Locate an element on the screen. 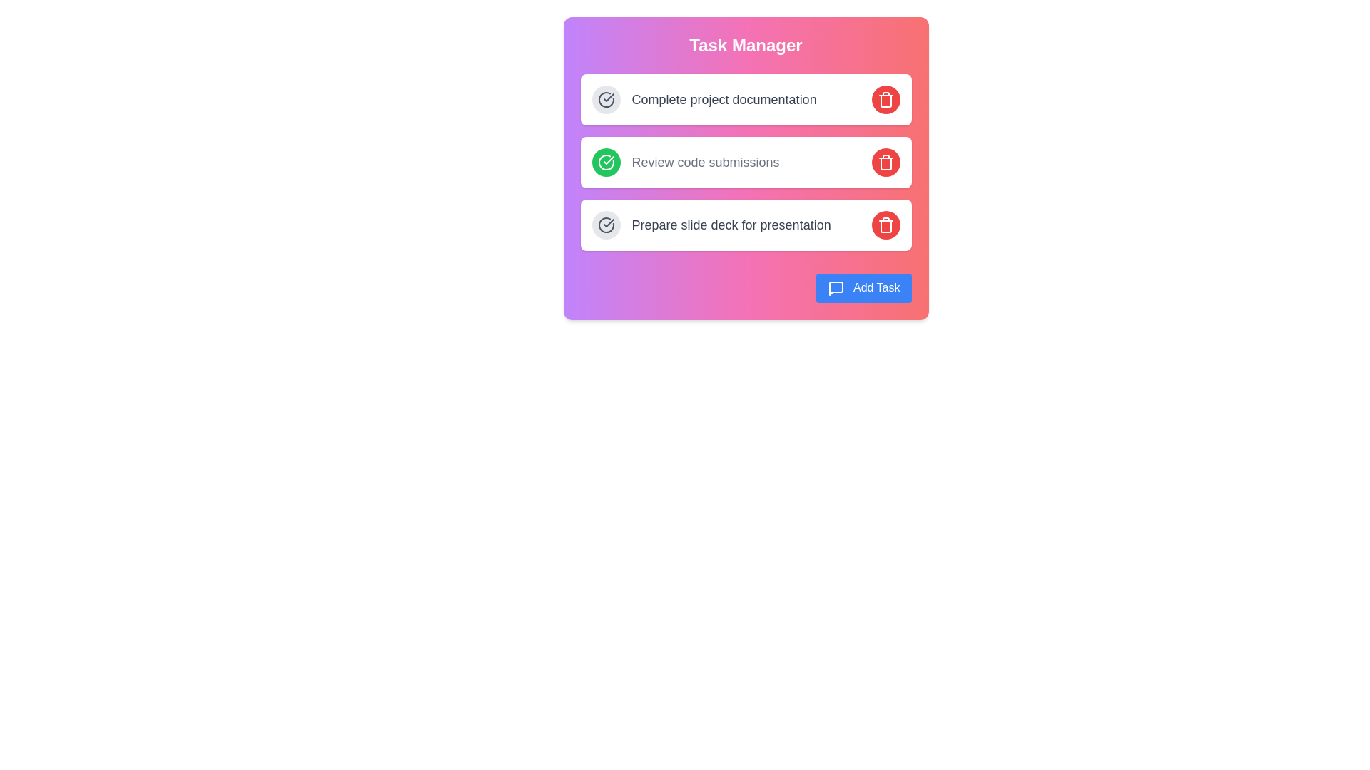  the label indicating a completed task in the task manager interface, which is the second item in the vertical task list located to the right of the green checkmark icon is located at coordinates (705, 161).